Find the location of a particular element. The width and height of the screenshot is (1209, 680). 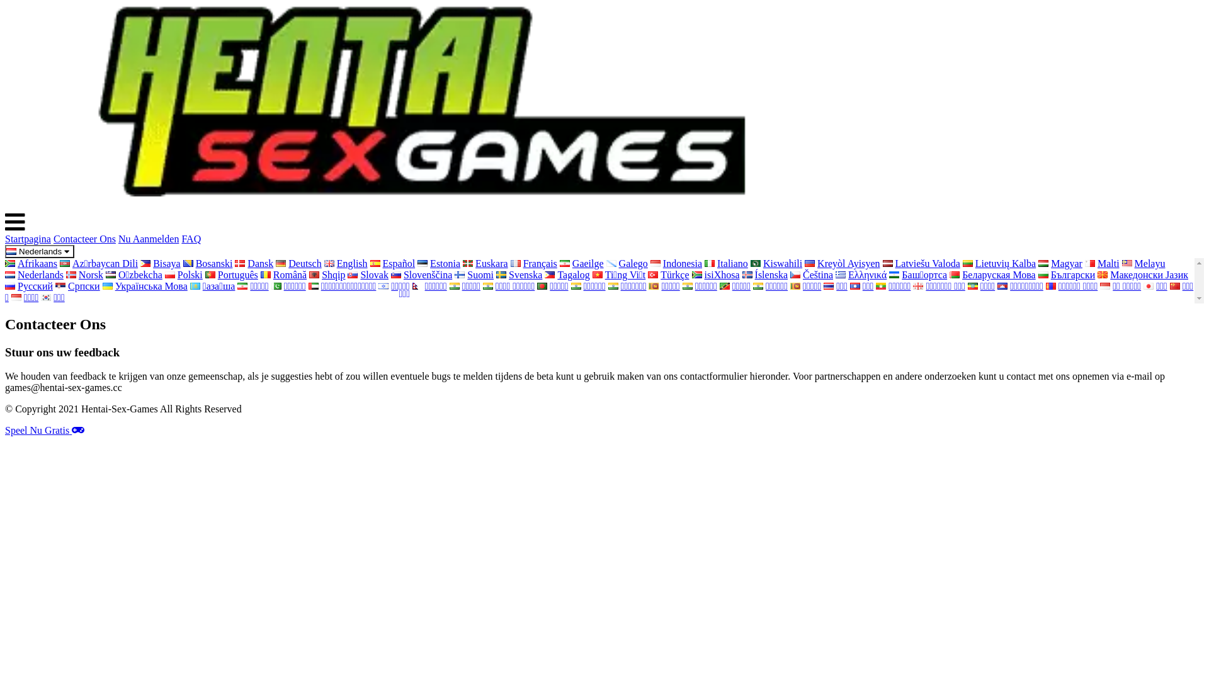

'English' is located at coordinates (324, 263).